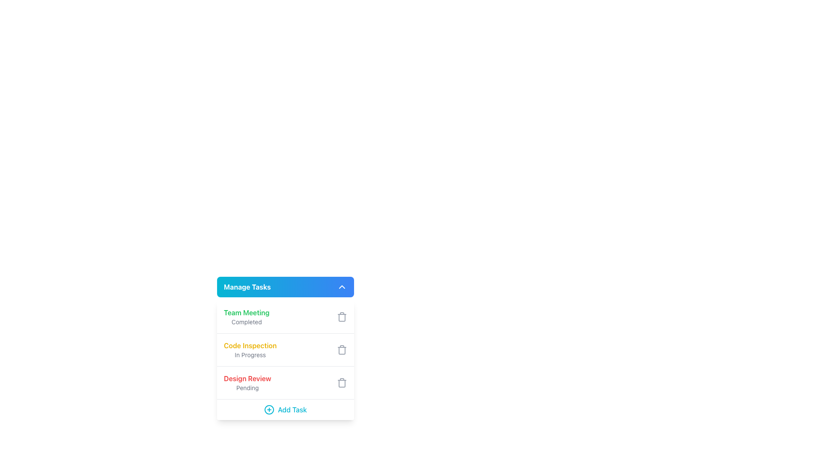 The image size is (822, 462). Describe the element at coordinates (341, 287) in the screenshot. I see `the downward-facing chevron icon located on the right side of the 'Manage Tasks' button` at that location.